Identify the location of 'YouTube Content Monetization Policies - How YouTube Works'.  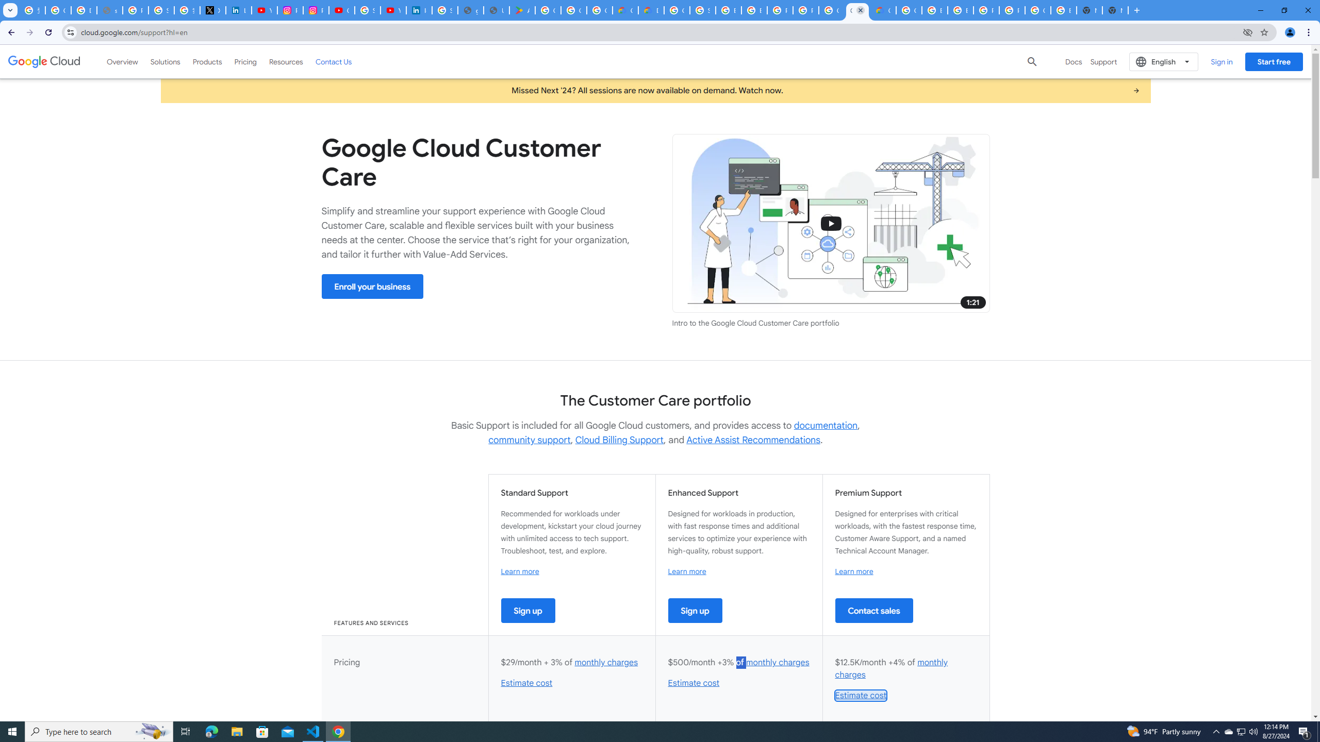
(265, 10).